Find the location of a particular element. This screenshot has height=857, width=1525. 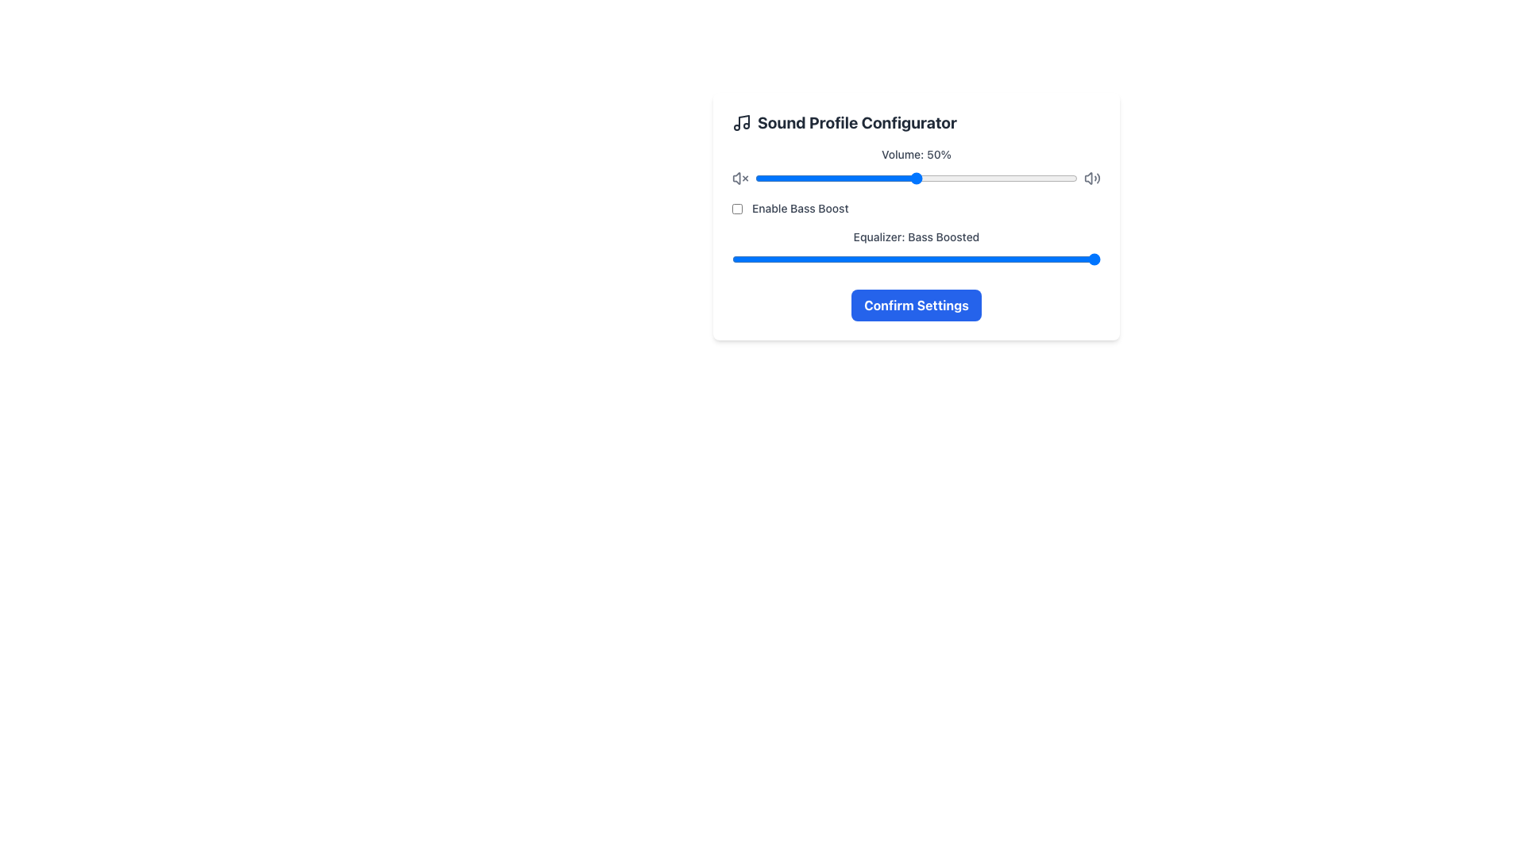

volume is located at coordinates (1075, 178).